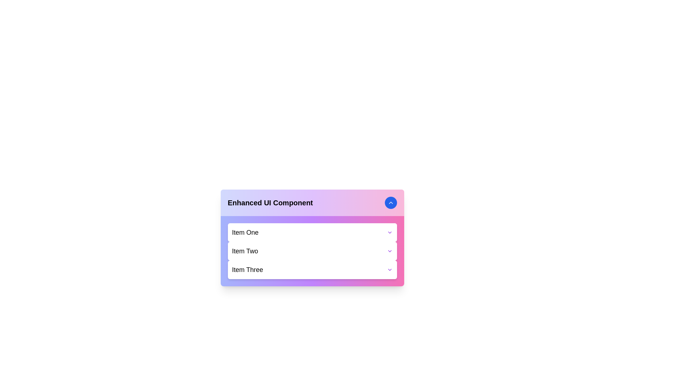 The width and height of the screenshot is (688, 387). What do you see at coordinates (247, 269) in the screenshot?
I see `the text label that describes the third item in the vertically stacked list within the card interface` at bounding box center [247, 269].